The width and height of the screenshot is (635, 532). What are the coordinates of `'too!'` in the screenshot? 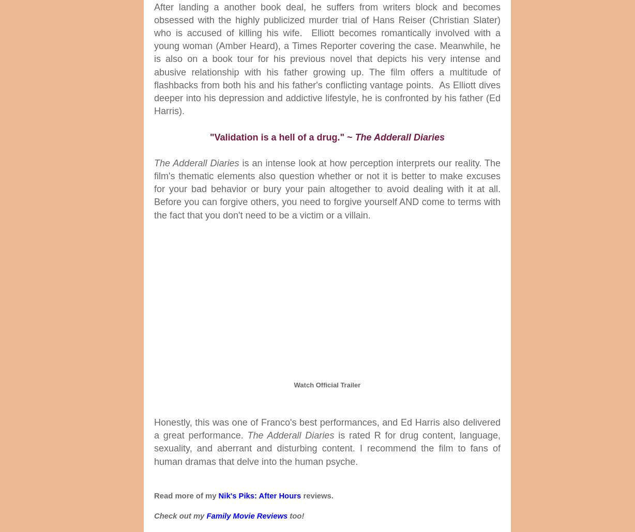 It's located at (287, 515).